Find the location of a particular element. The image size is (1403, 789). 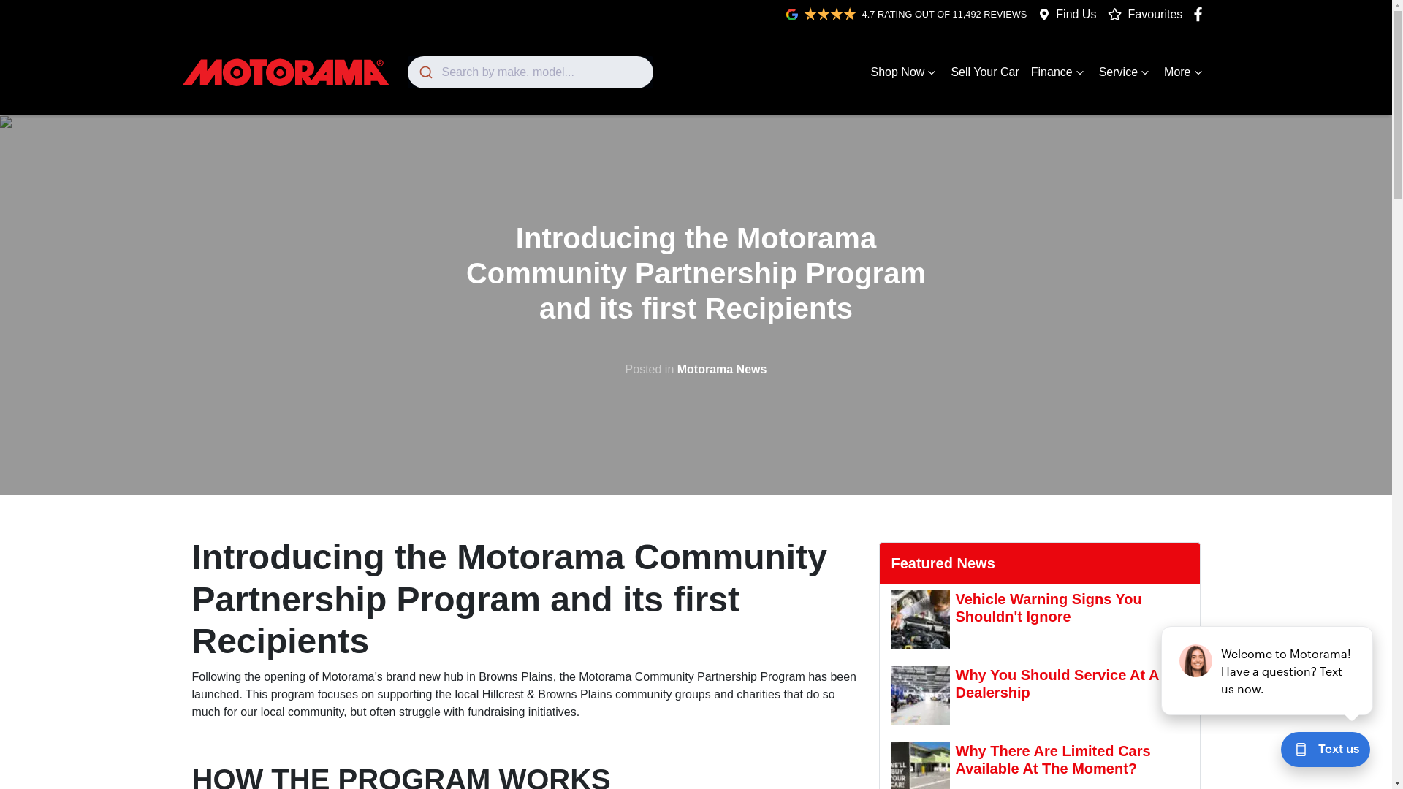

'Why You Should Service At A Dealership' is located at coordinates (1038, 697).